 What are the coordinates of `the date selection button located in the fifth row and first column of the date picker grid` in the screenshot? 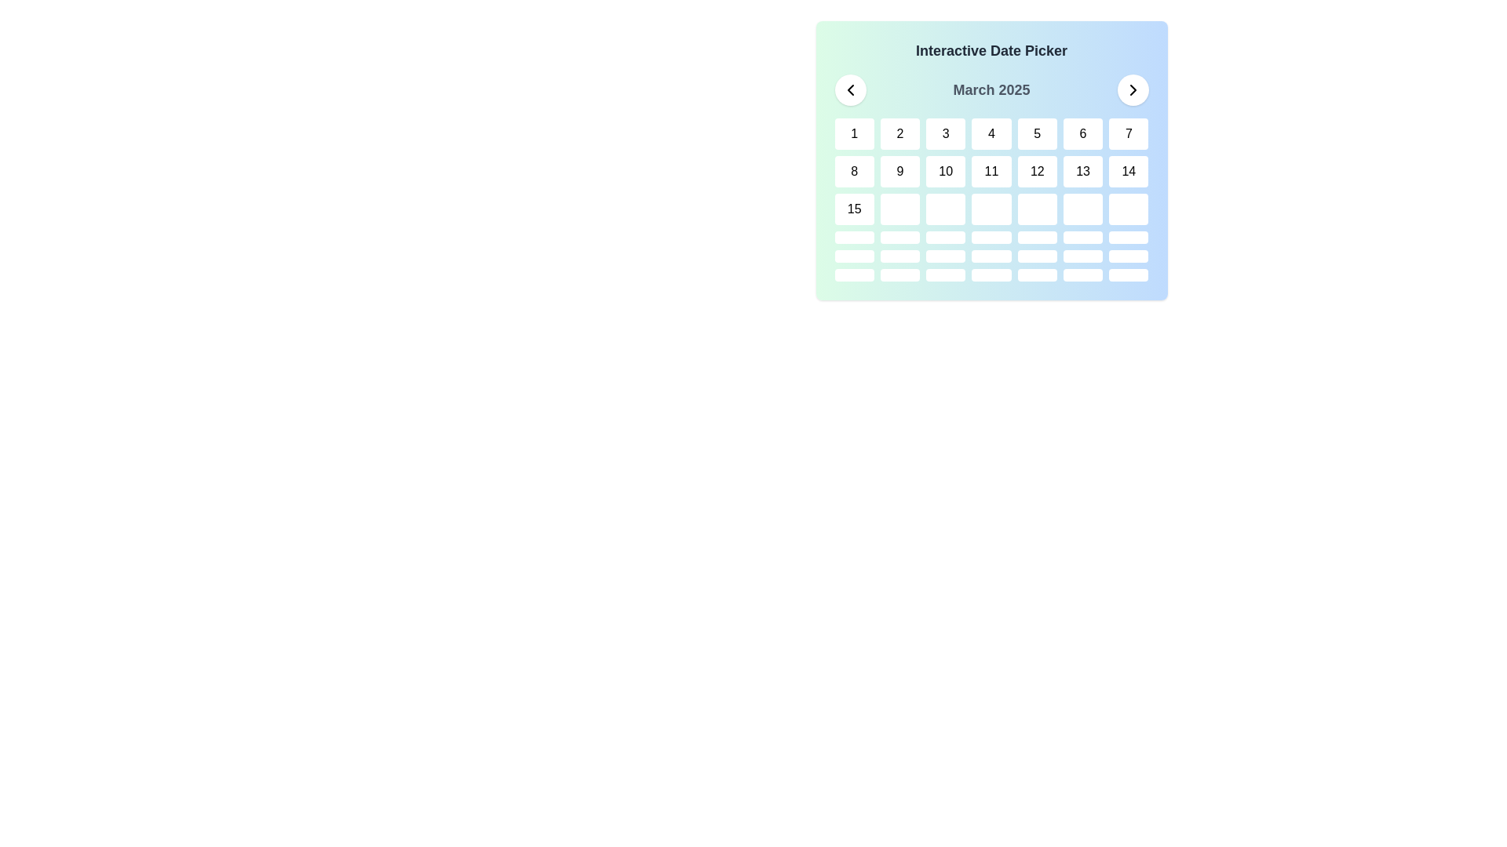 It's located at (853, 238).